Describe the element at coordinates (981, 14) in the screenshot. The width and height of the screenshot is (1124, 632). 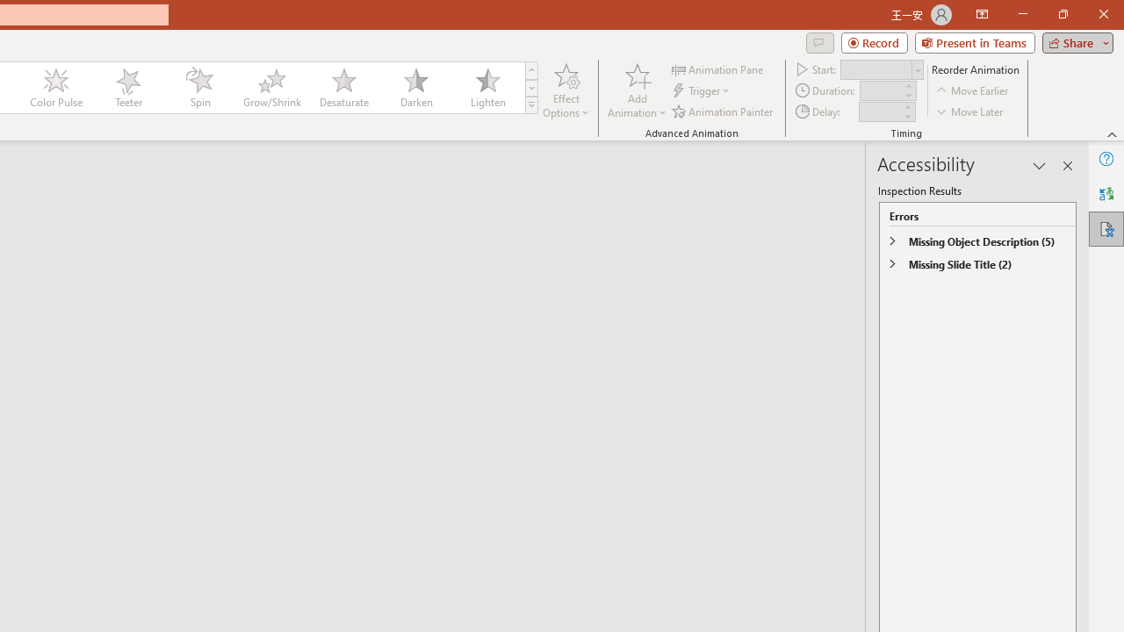
I see `'Ribbon Display Options'` at that location.